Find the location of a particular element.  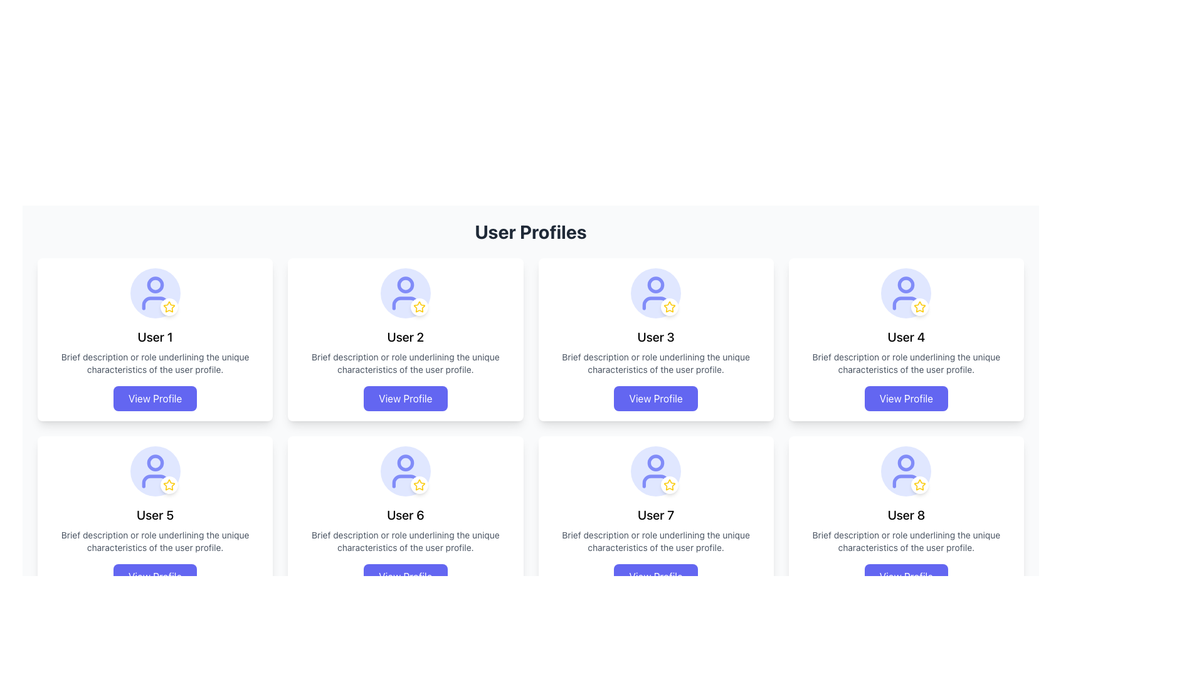

text label providing supplementary information for the user profile identified as 'User 7', which is located beneath the user identifier and above the 'View Profile' button in the seventh user profile card is located at coordinates (655, 541).